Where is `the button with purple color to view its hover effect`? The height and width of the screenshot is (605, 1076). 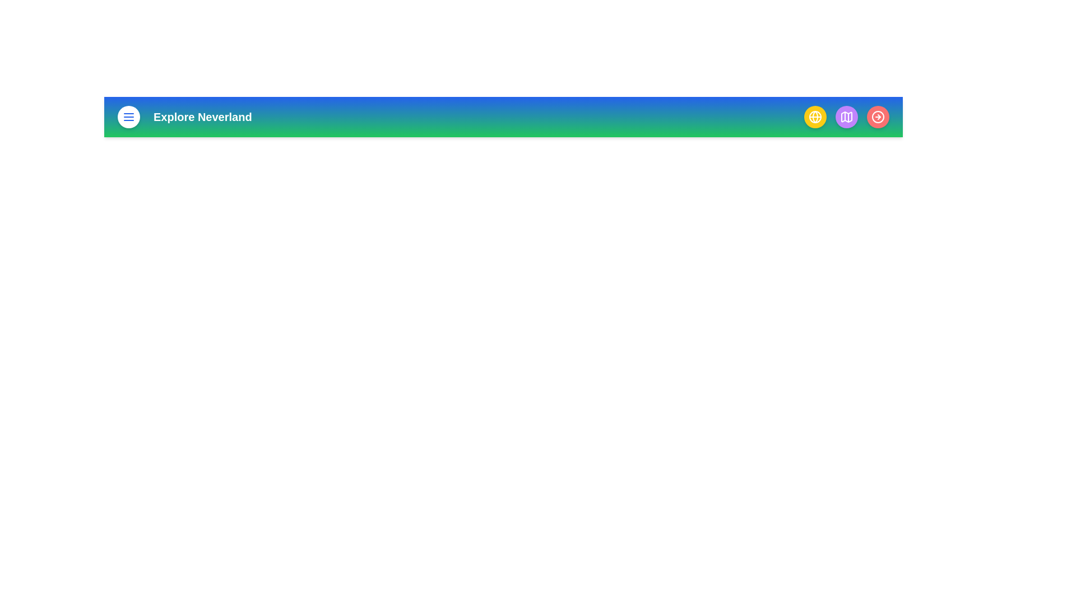
the button with purple color to view its hover effect is located at coordinates (847, 117).